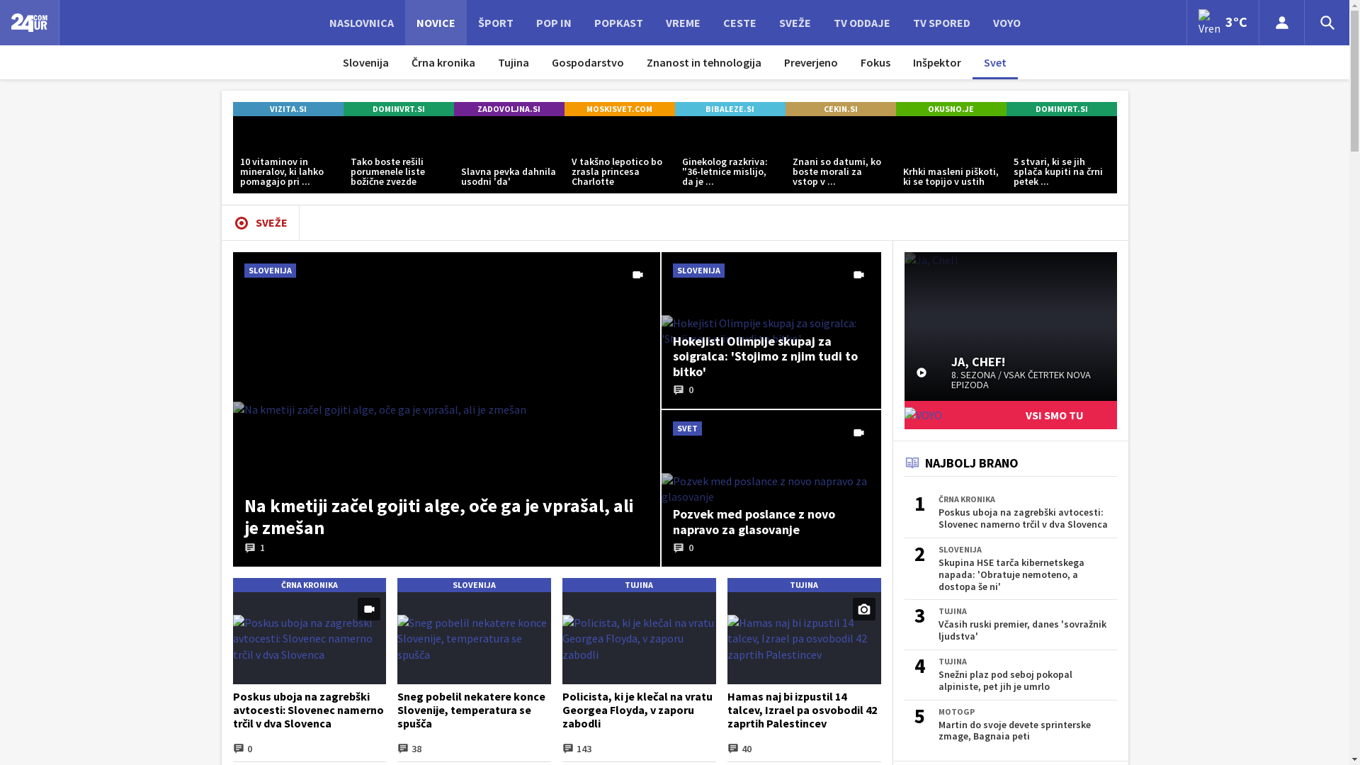 This screenshot has width=1360, height=765. I want to click on 'DOMINVRT.SI', so click(397, 108).